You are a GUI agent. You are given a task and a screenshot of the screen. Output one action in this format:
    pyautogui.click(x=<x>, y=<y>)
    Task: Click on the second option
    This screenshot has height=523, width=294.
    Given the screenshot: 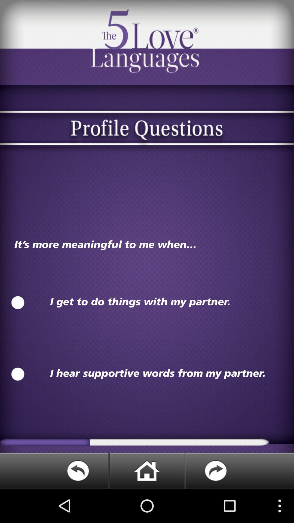 What is the action you would take?
    pyautogui.click(x=17, y=374)
    